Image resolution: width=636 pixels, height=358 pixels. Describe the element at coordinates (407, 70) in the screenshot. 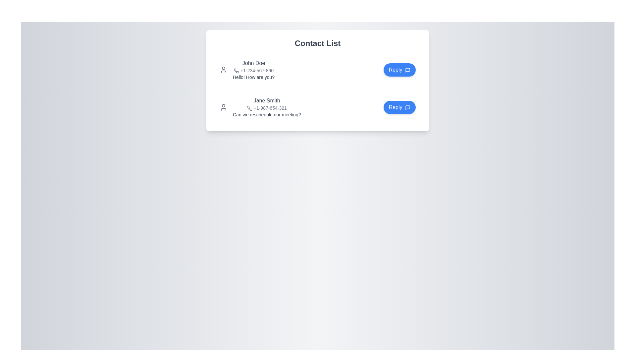

I see `the small speech bubble icon located inside the blue 'Reply' button, to the right of the text 'John Doe', to initiate a message` at that location.